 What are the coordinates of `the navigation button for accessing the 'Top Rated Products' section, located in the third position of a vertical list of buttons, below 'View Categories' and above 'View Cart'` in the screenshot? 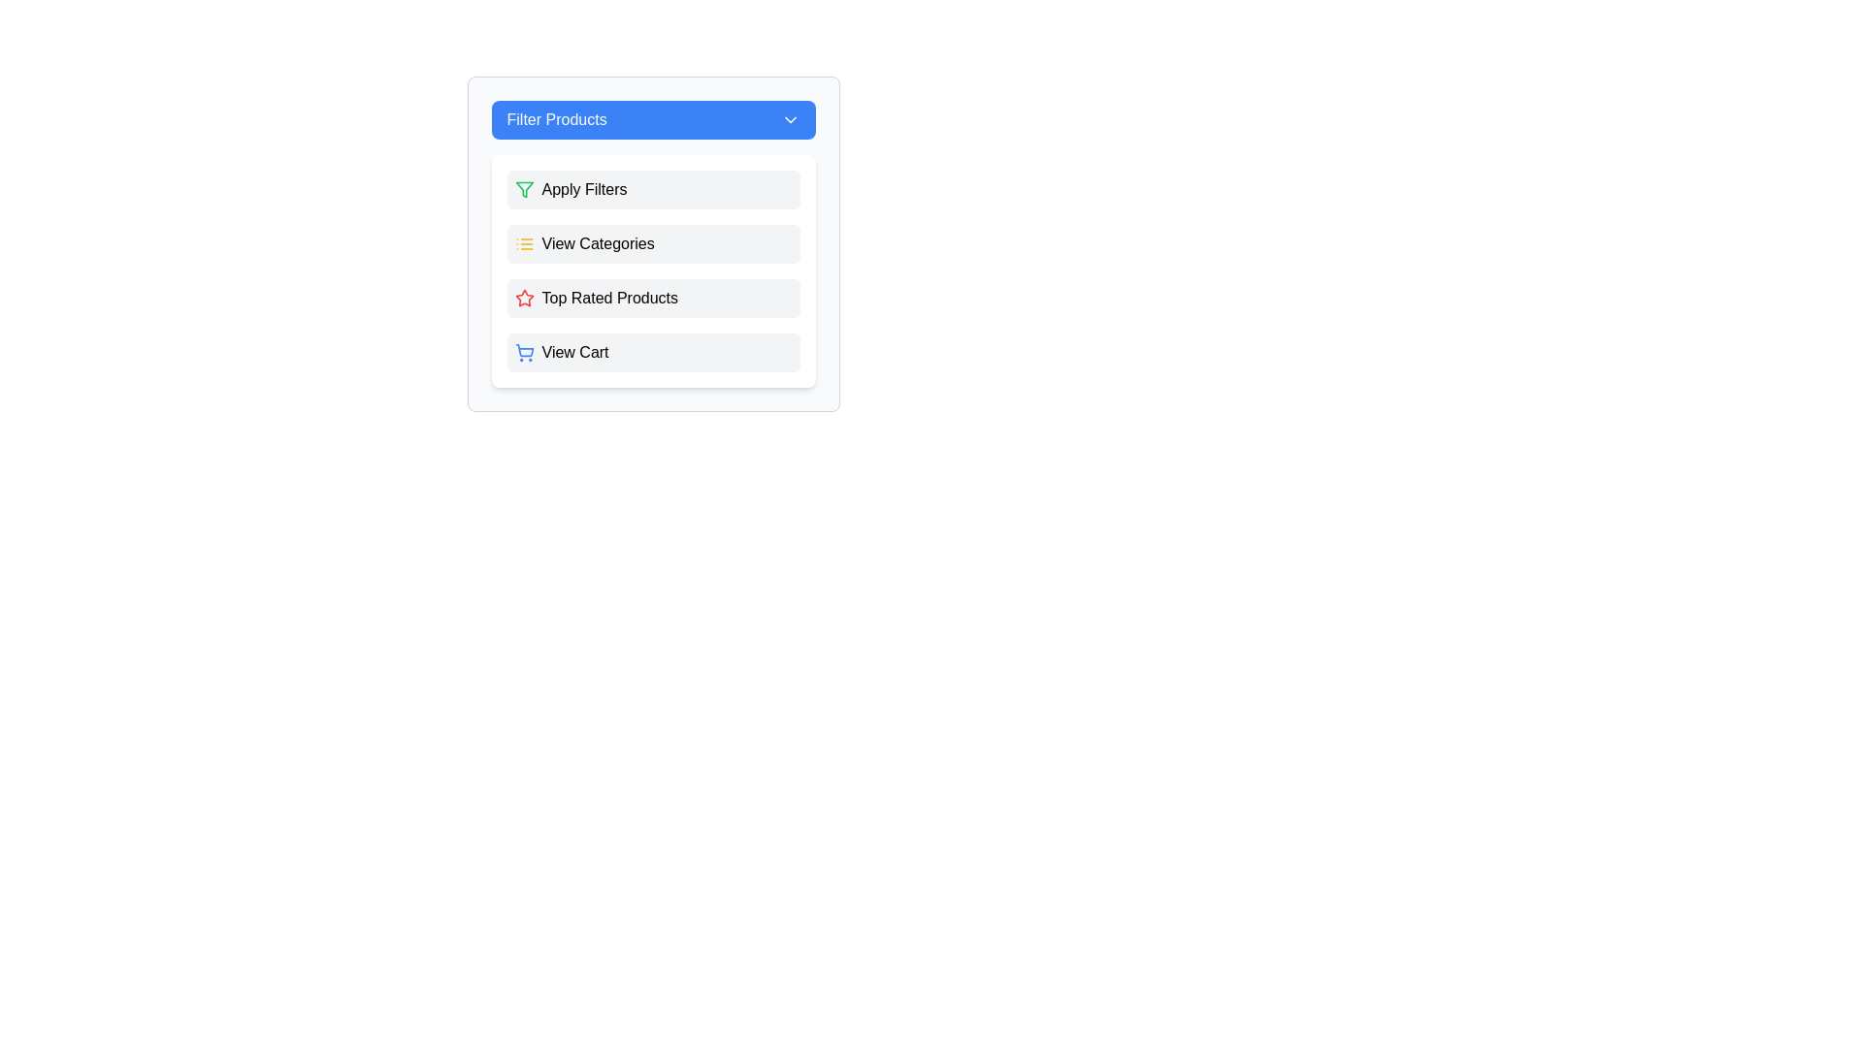 It's located at (653, 299).